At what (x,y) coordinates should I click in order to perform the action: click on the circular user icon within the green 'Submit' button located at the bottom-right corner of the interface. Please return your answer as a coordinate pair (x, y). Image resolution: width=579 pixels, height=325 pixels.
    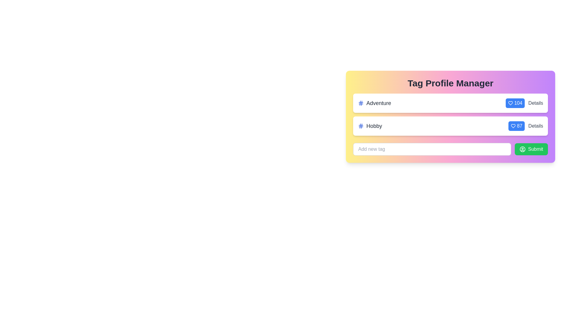
    Looking at the image, I should click on (522, 149).